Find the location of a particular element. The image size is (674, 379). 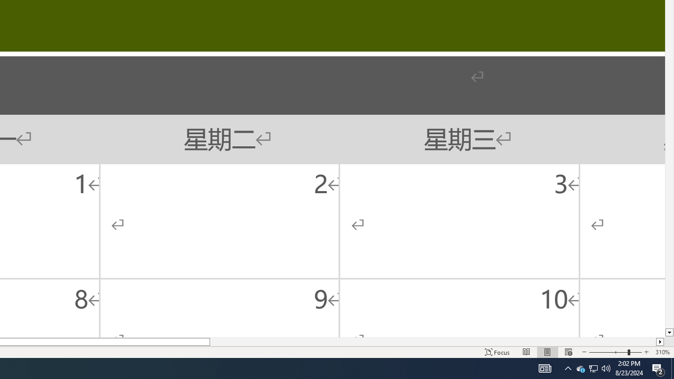

'Web Layout' is located at coordinates (568, 352).